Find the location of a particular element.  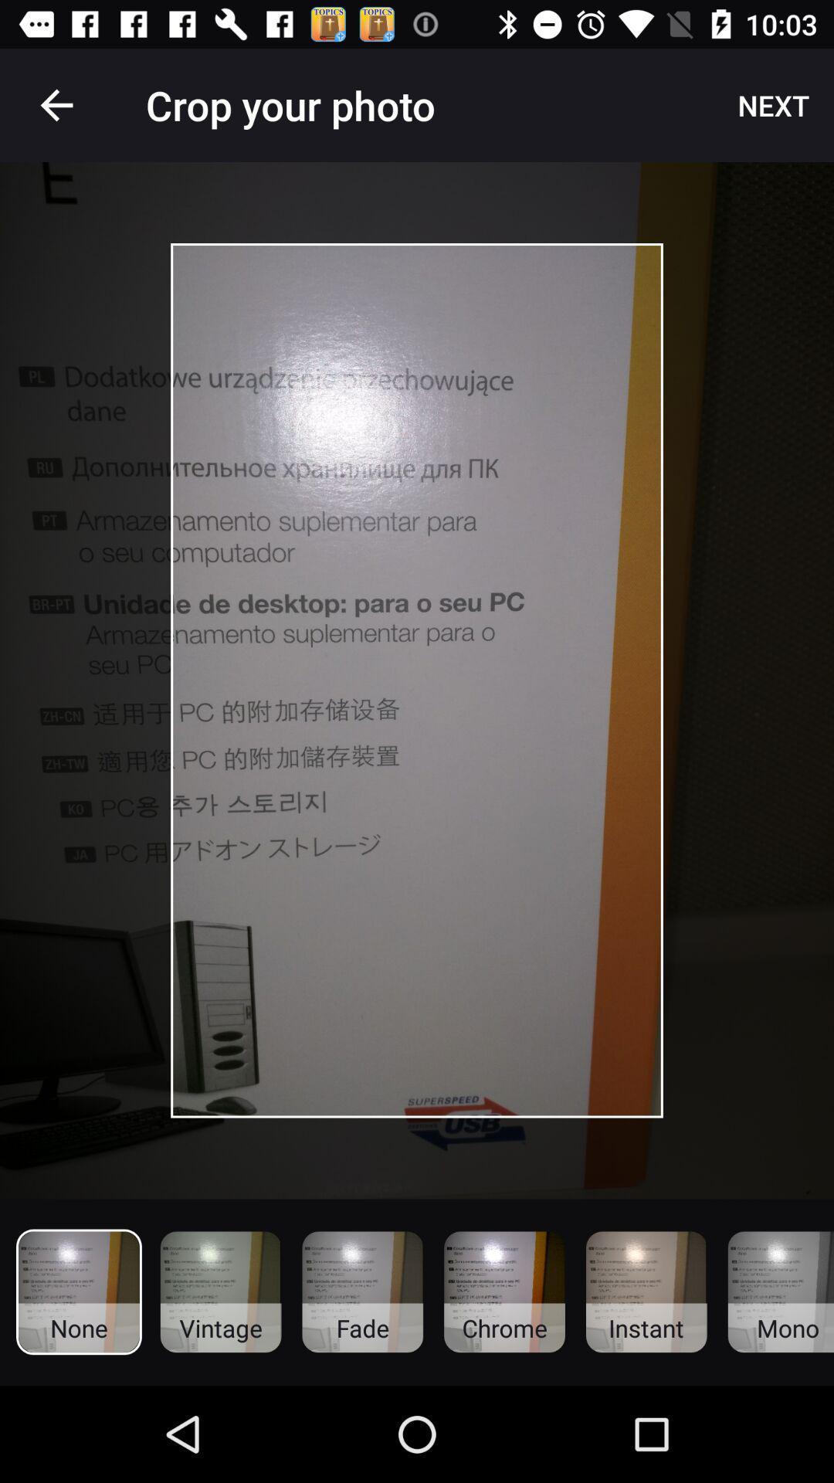

om the text next to chrome is located at coordinates (646, 1292).